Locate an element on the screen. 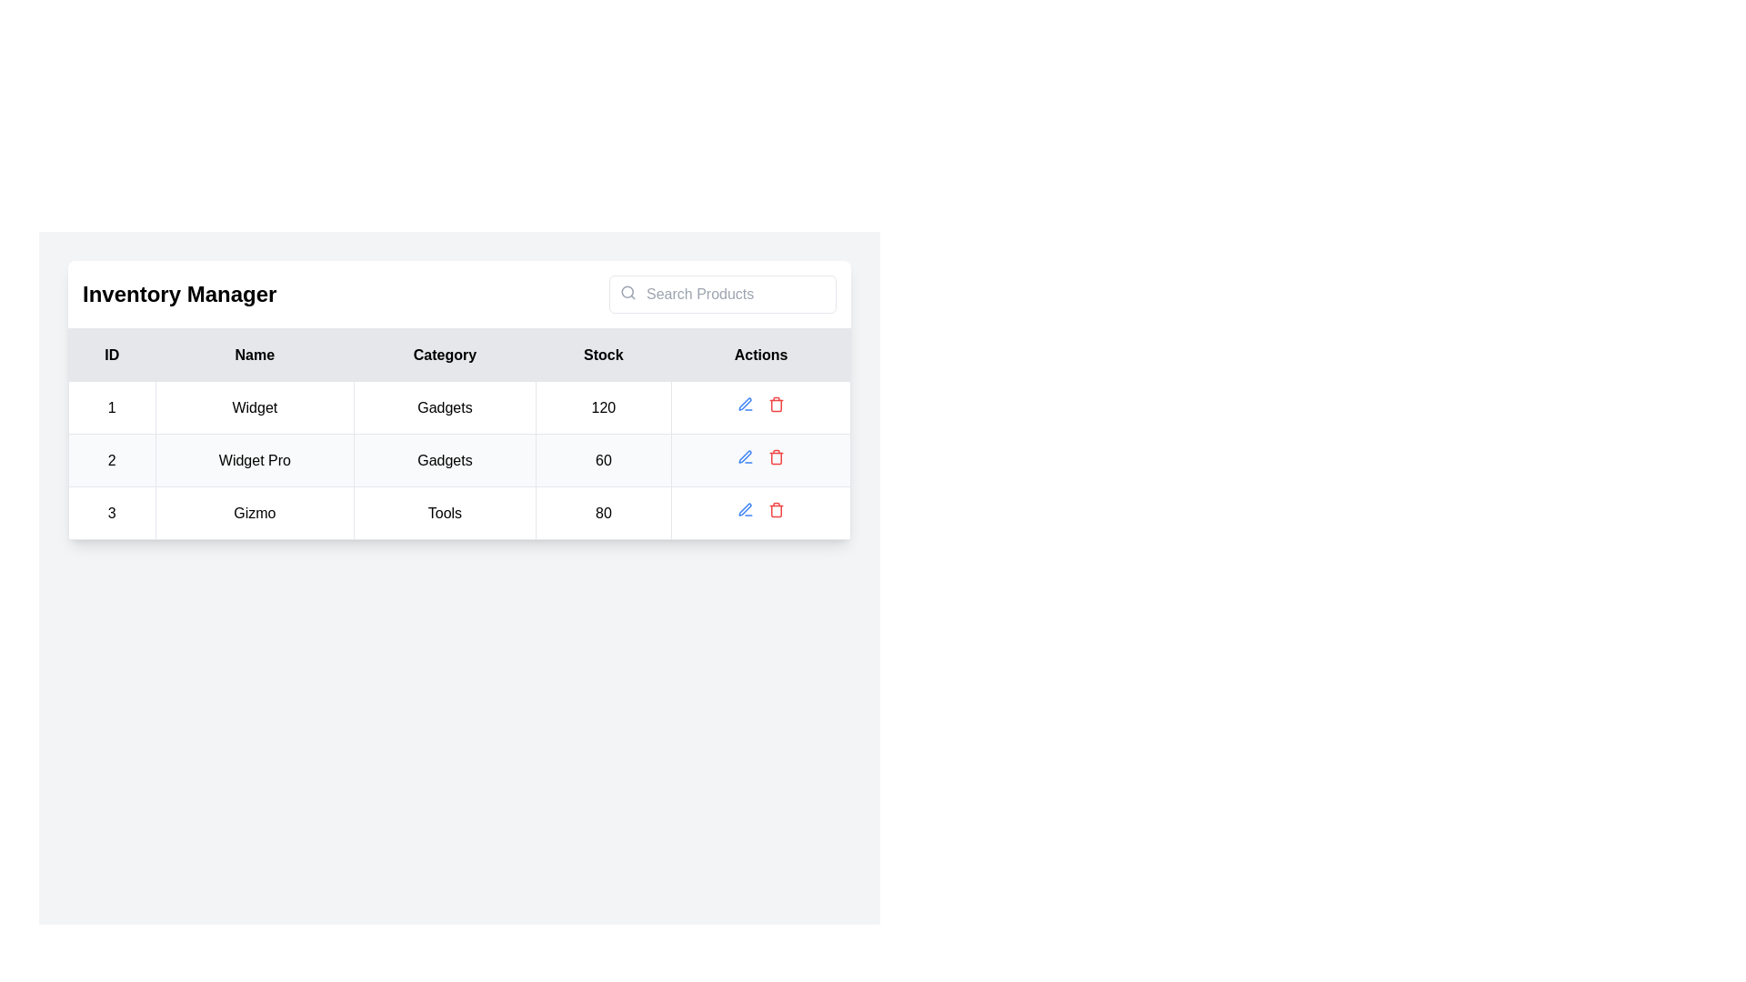 This screenshot has width=1746, height=982. the delete icon button represented as a trash bin, which is red in color and located in the 'Actions' column of the second row of the table is located at coordinates (777, 403).